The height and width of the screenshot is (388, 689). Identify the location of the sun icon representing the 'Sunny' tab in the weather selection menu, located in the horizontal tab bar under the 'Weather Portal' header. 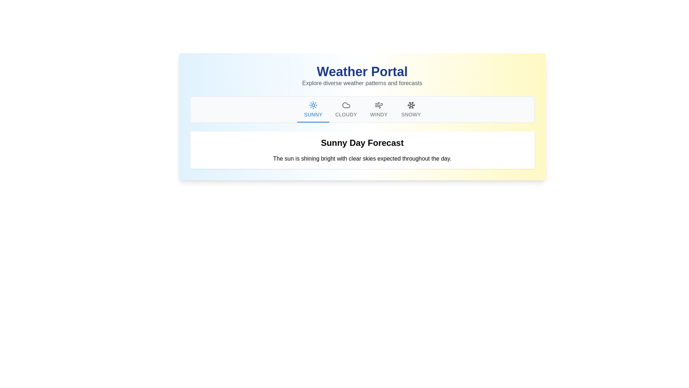
(313, 105).